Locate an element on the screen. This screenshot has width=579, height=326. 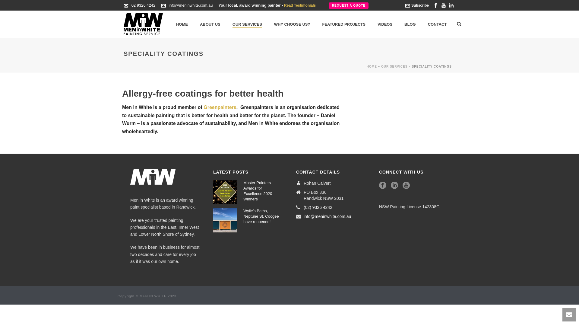
'Follow Us on facebook' is located at coordinates (382, 185).